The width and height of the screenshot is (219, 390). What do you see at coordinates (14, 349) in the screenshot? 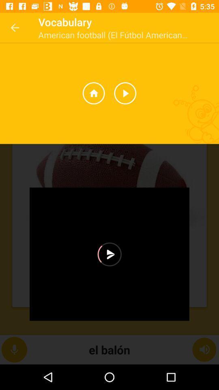
I see `the microphone icon` at bounding box center [14, 349].